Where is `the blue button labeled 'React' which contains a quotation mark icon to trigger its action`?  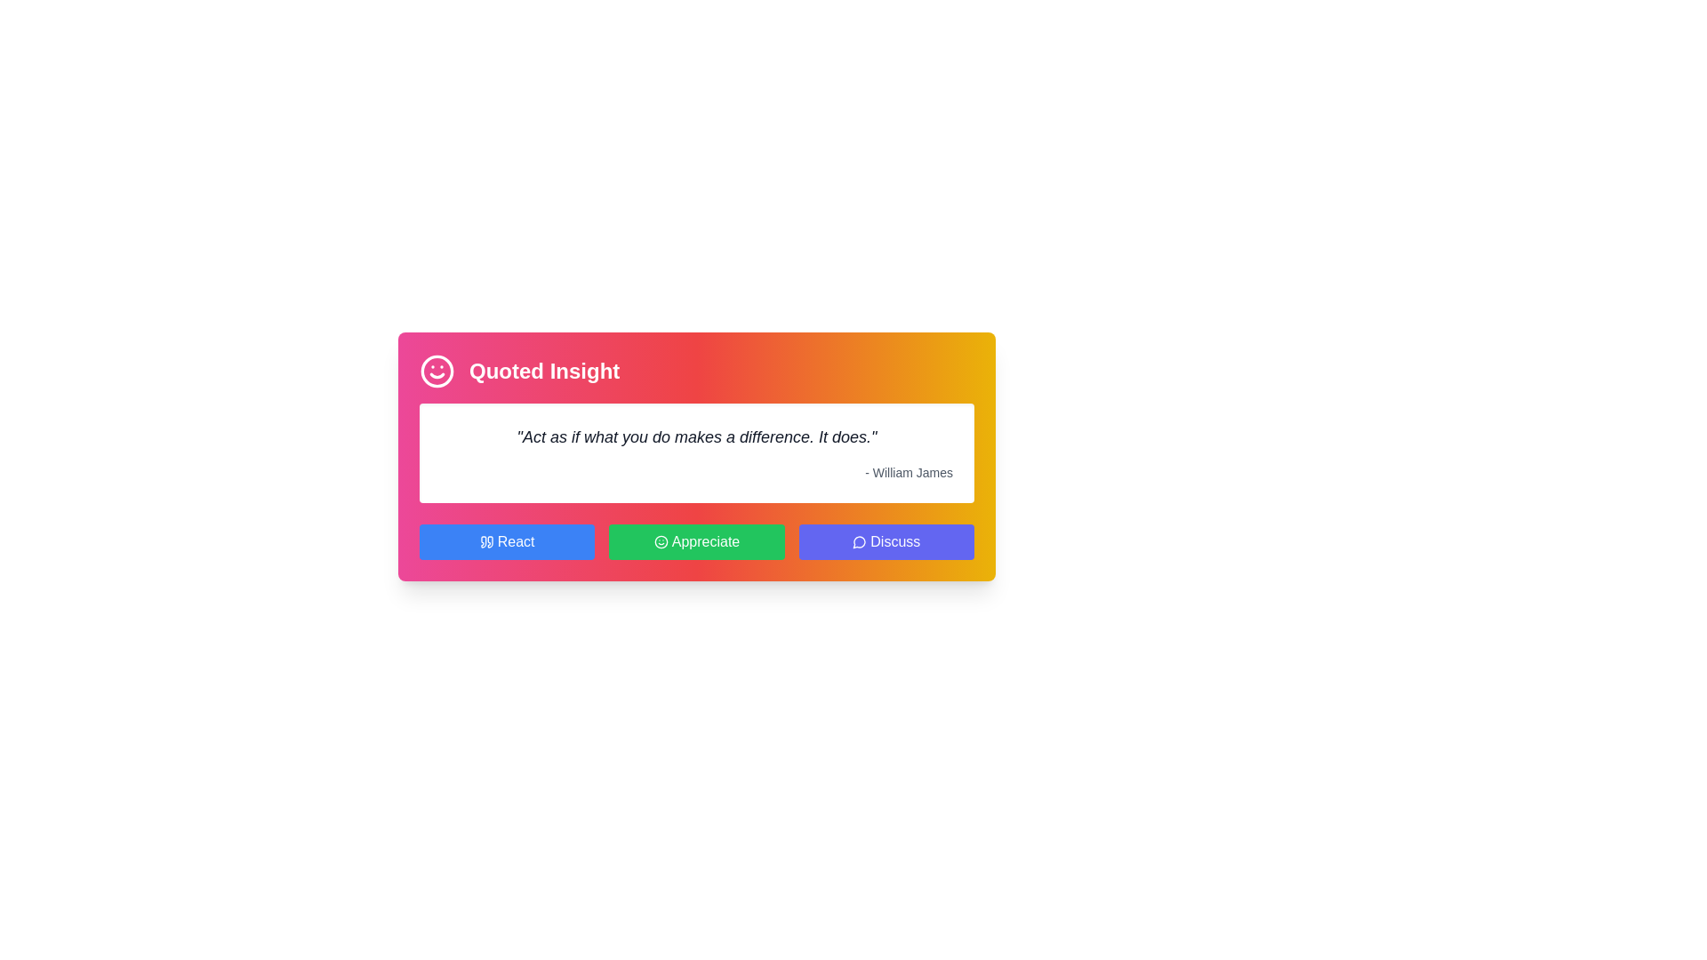
the blue button labeled 'React' which contains a quotation mark icon to trigger its action is located at coordinates (486, 540).